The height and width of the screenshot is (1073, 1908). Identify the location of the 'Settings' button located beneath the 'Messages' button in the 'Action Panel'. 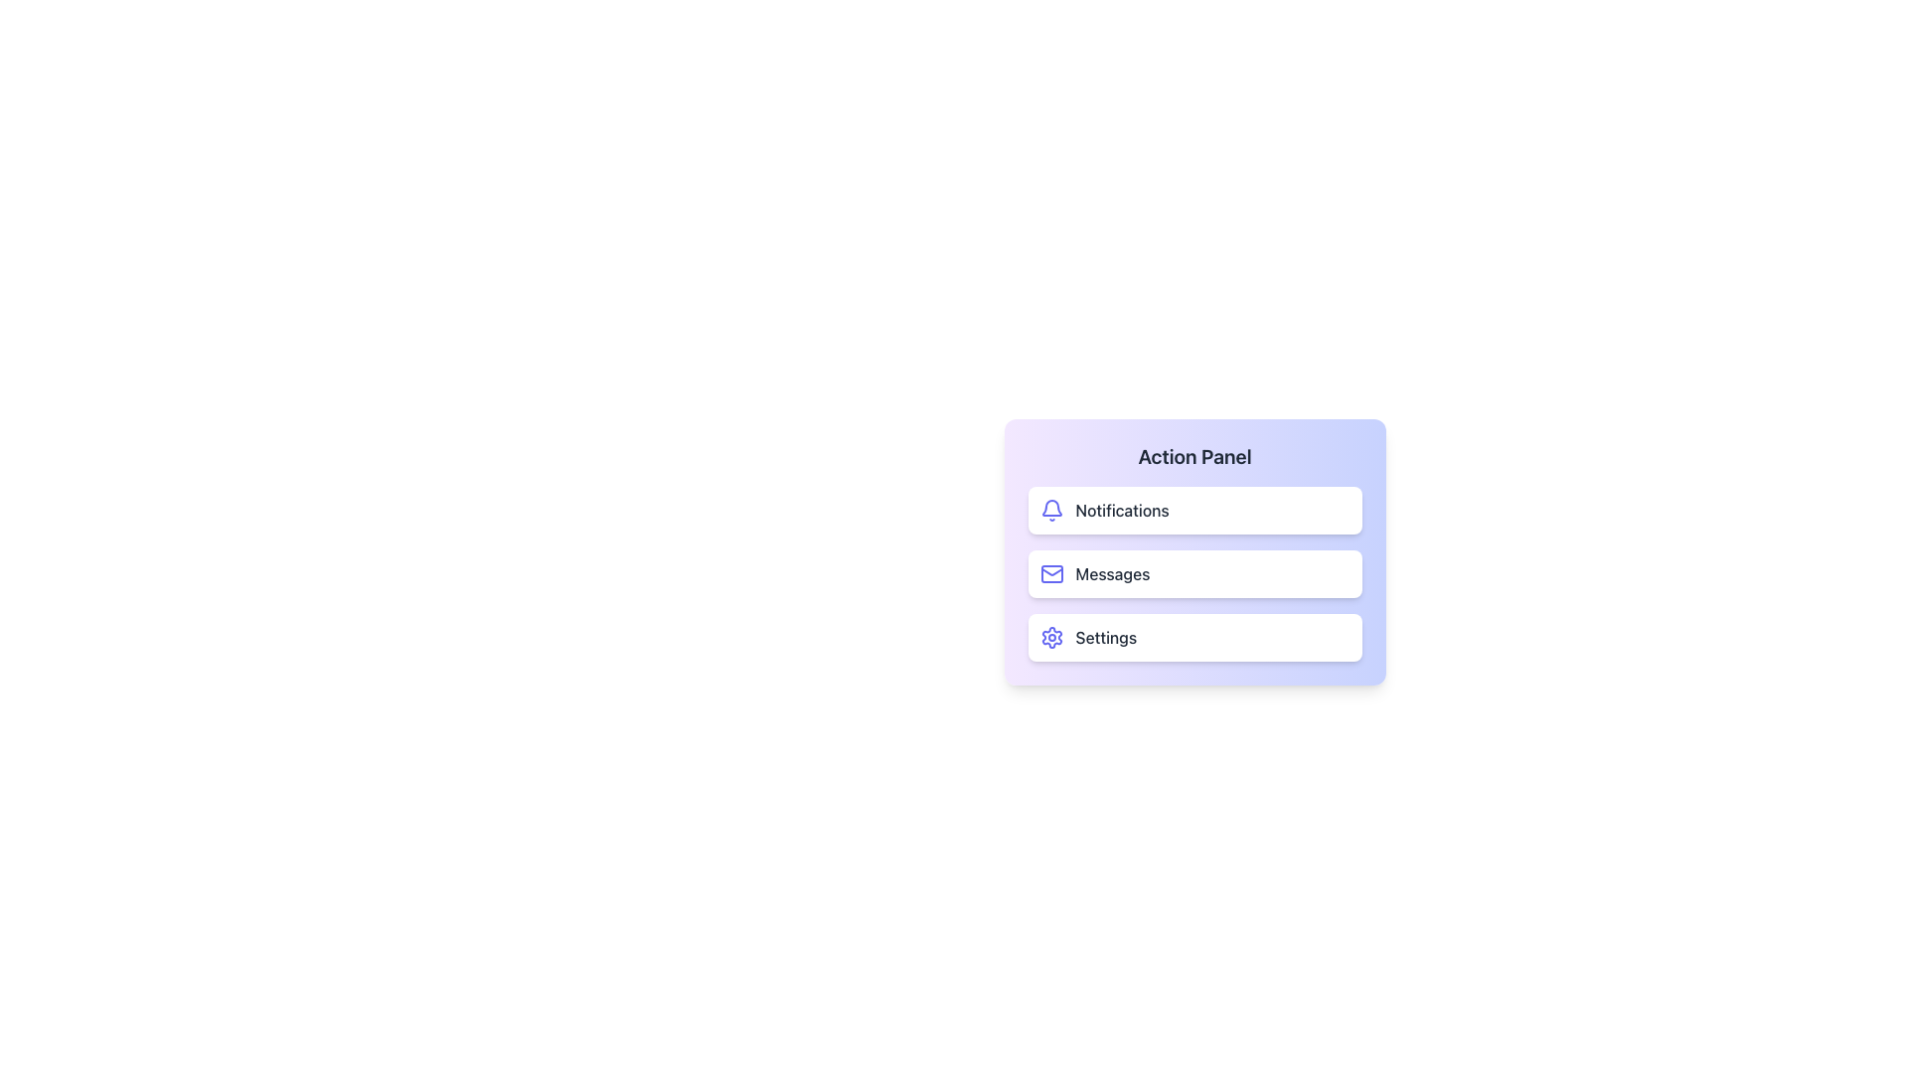
(1193, 637).